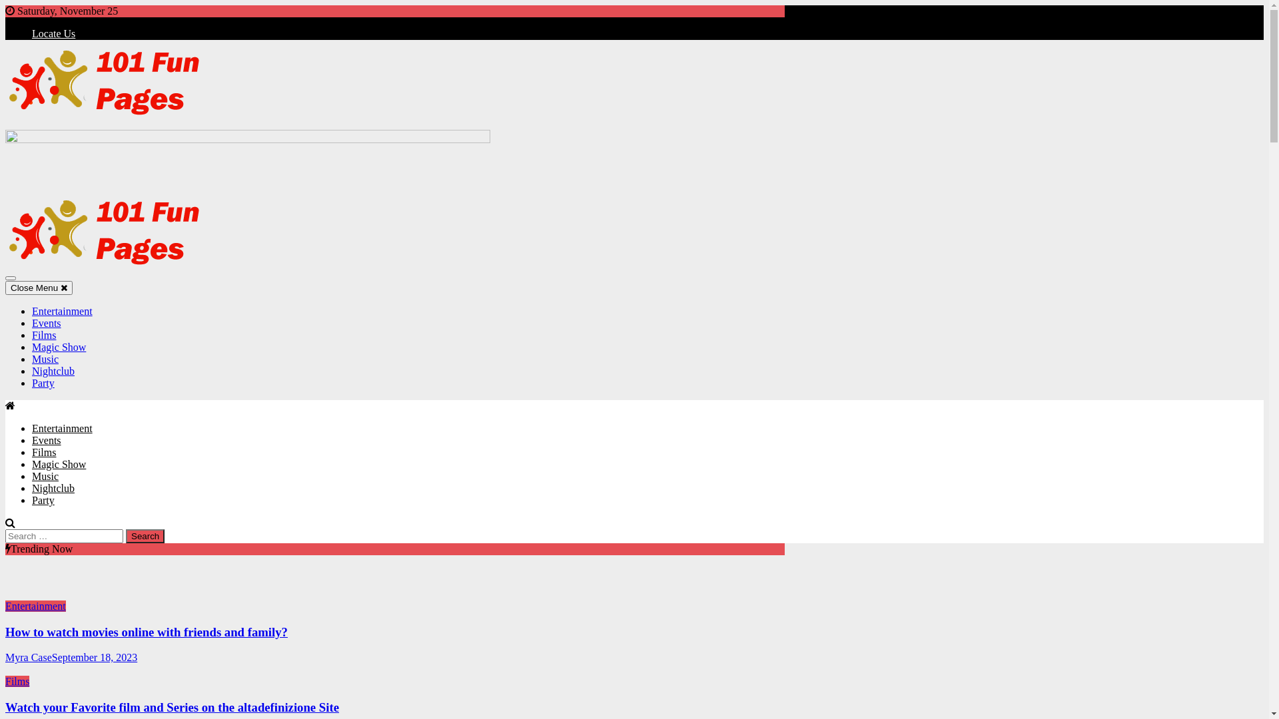 The image size is (1279, 719). I want to click on 'Magic Show', so click(58, 346).